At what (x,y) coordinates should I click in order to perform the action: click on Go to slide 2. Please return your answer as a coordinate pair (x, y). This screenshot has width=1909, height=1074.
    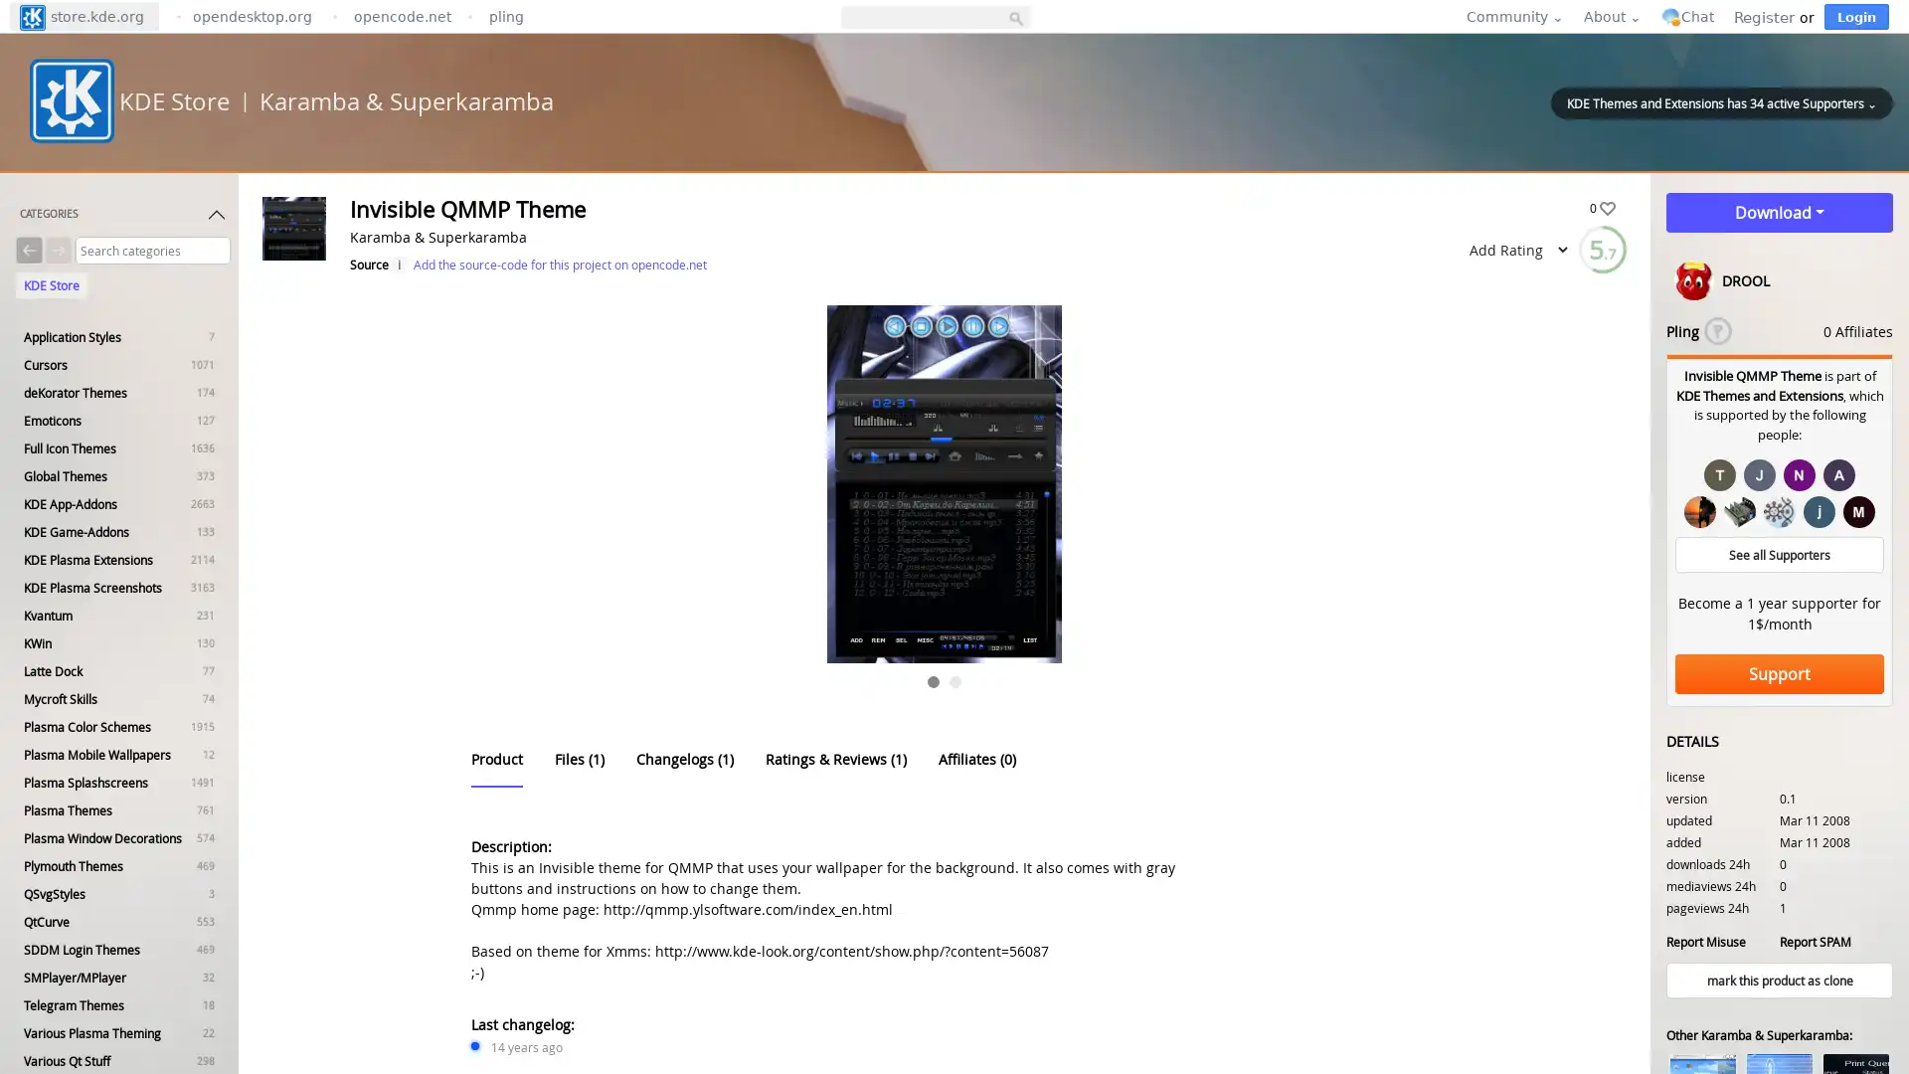
    Looking at the image, I should click on (954, 681).